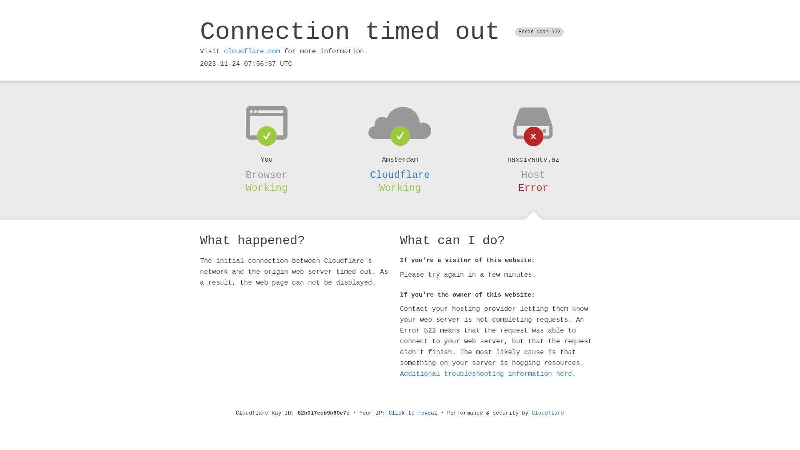 This screenshot has width=800, height=450. What do you see at coordinates (413, 413) in the screenshot?
I see `'Click to reveal'` at bounding box center [413, 413].